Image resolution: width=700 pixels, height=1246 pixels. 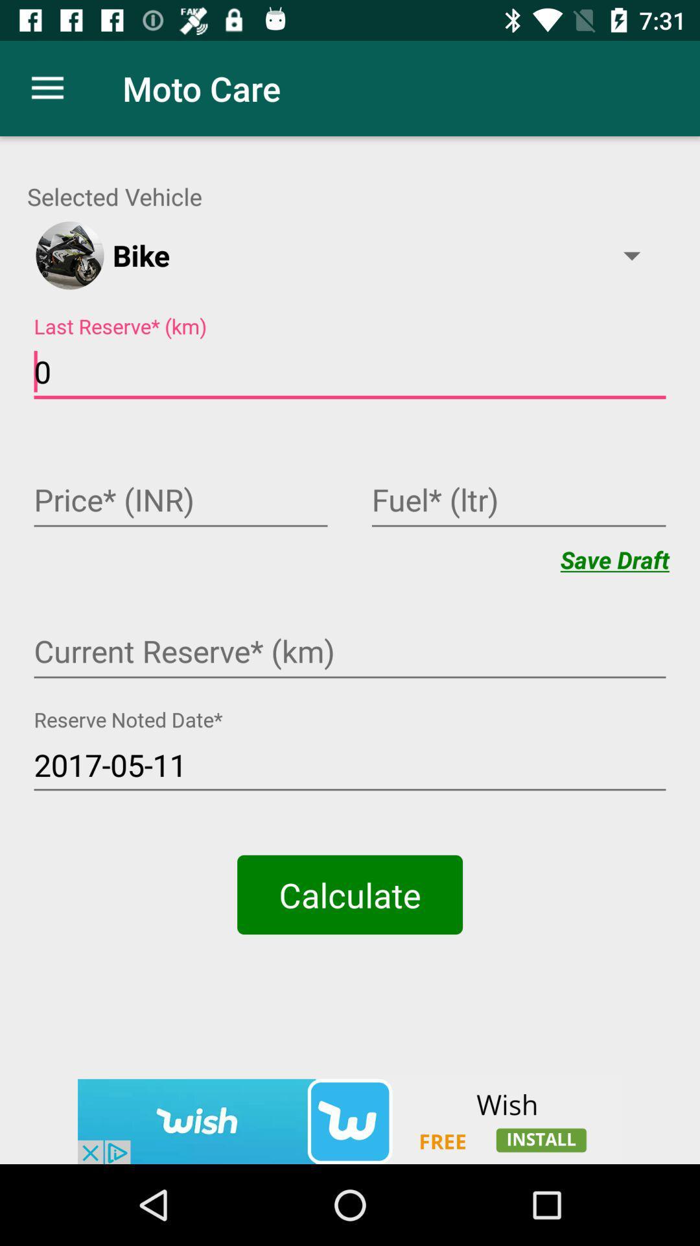 What do you see at coordinates (350, 766) in the screenshot?
I see `20170511` at bounding box center [350, 766].